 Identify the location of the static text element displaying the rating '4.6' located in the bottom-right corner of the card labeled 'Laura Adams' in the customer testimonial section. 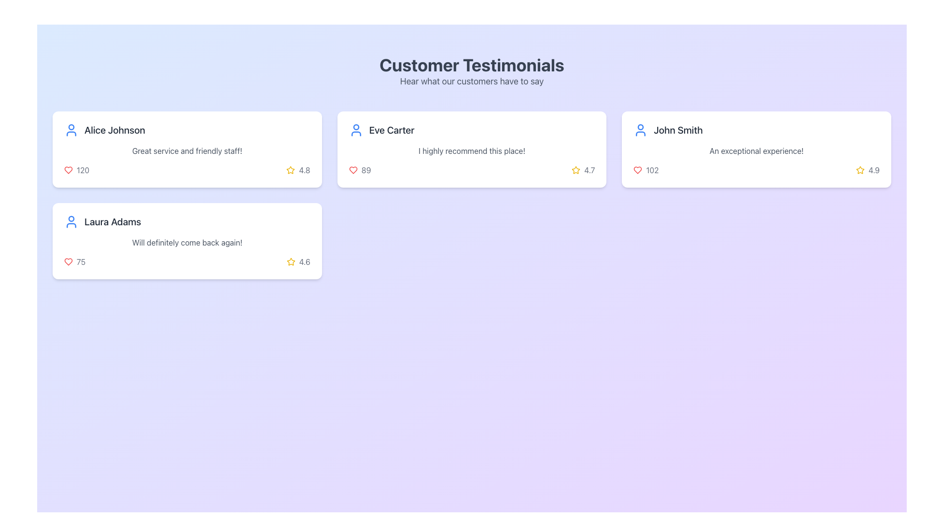
(304, 262).